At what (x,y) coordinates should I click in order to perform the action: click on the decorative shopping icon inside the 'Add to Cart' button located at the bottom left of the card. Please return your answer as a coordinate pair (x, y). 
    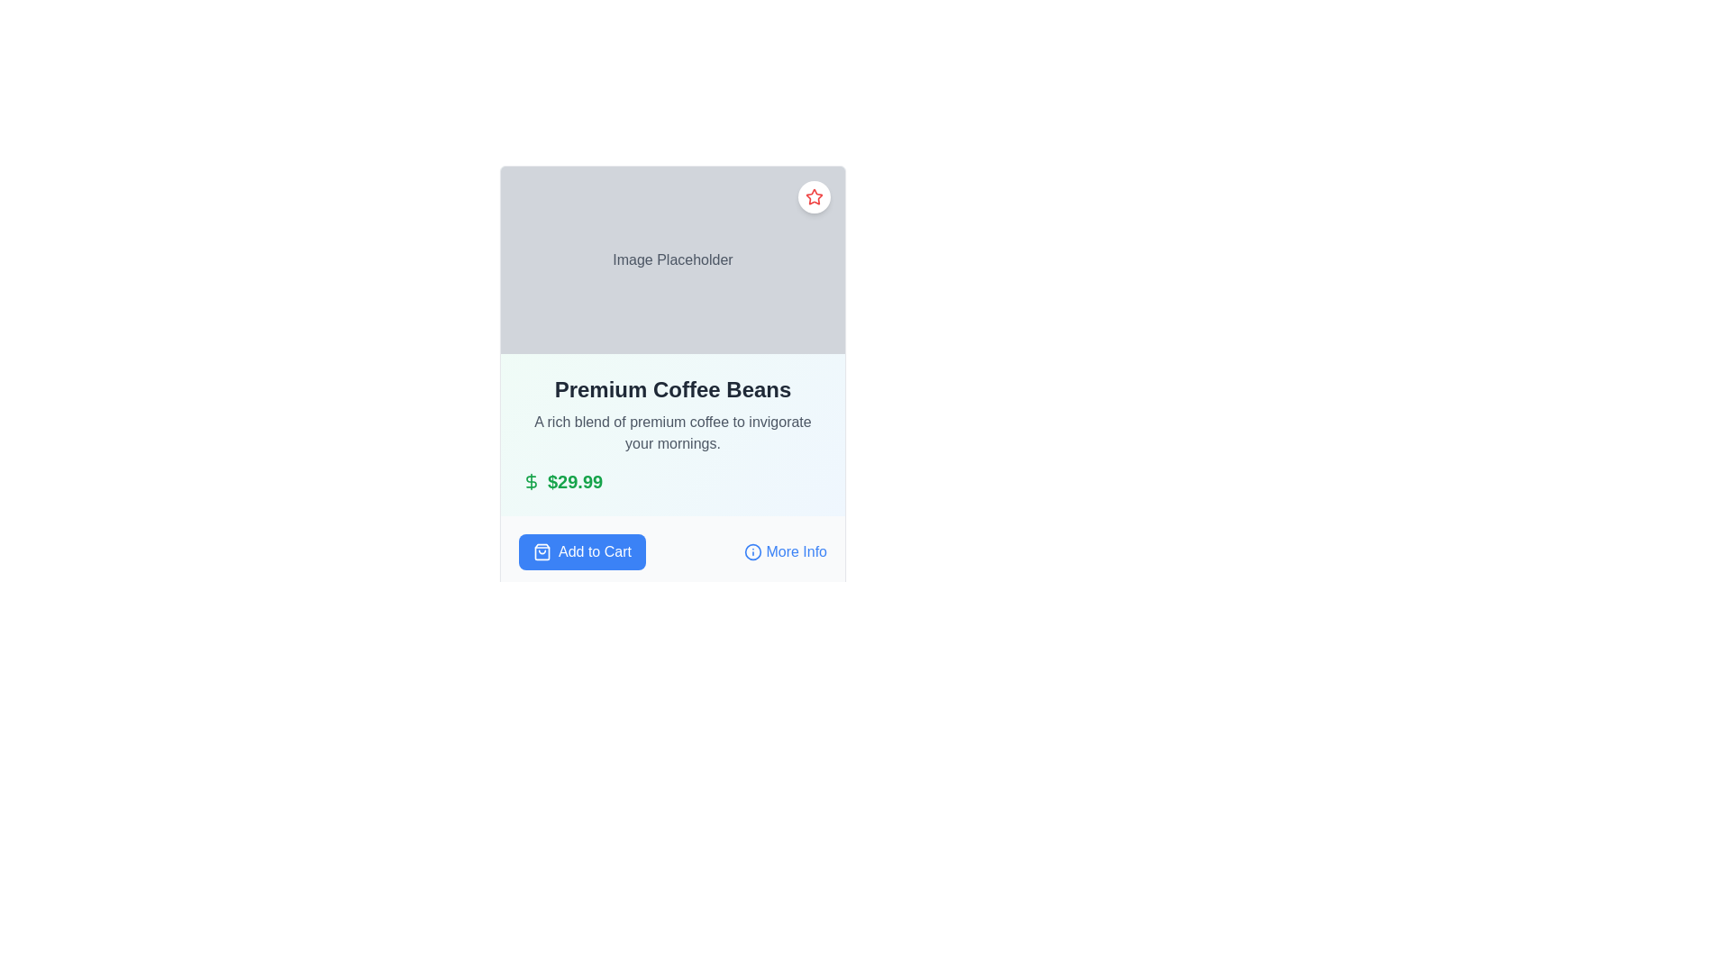
    Looking at the image, I should click on (541, 551).